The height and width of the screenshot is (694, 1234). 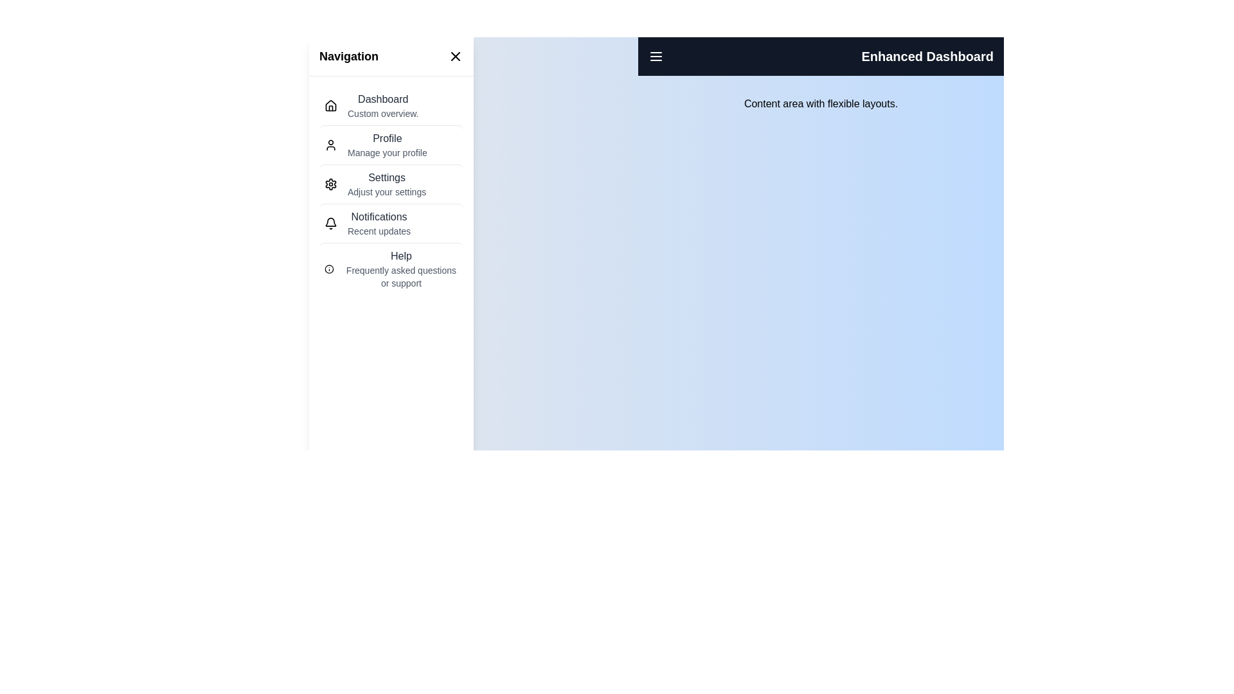 I want to click on the Close Button located in the top-right corner of the 'Navigation' header section, so click(x=456, y=56).